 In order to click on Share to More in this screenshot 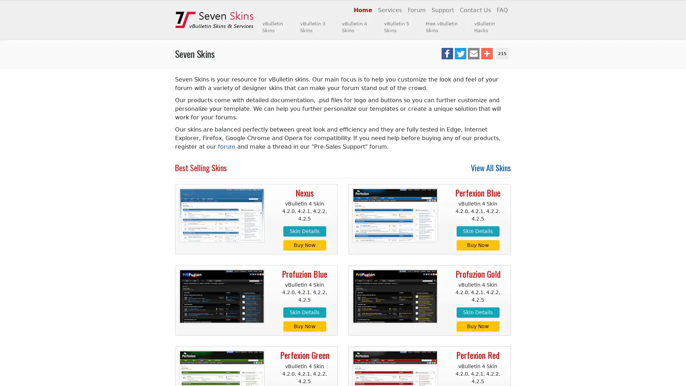, I will do `click(486, 53)`.